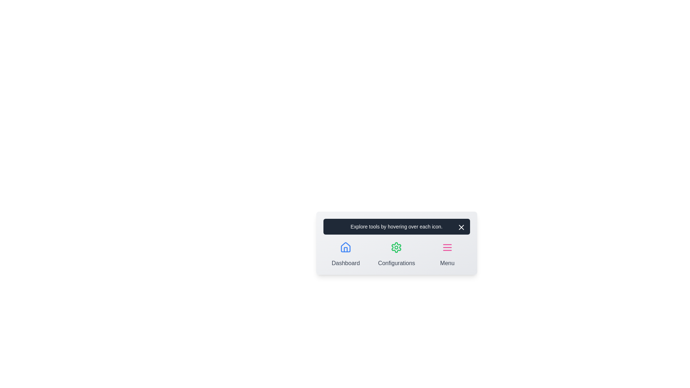  Describe the element at coordinates (346, 263) in the screenshot. I see `the Text label that provides a description for the house-shaped icon above it, indicating navigation to a dashboard-related section` at that location.